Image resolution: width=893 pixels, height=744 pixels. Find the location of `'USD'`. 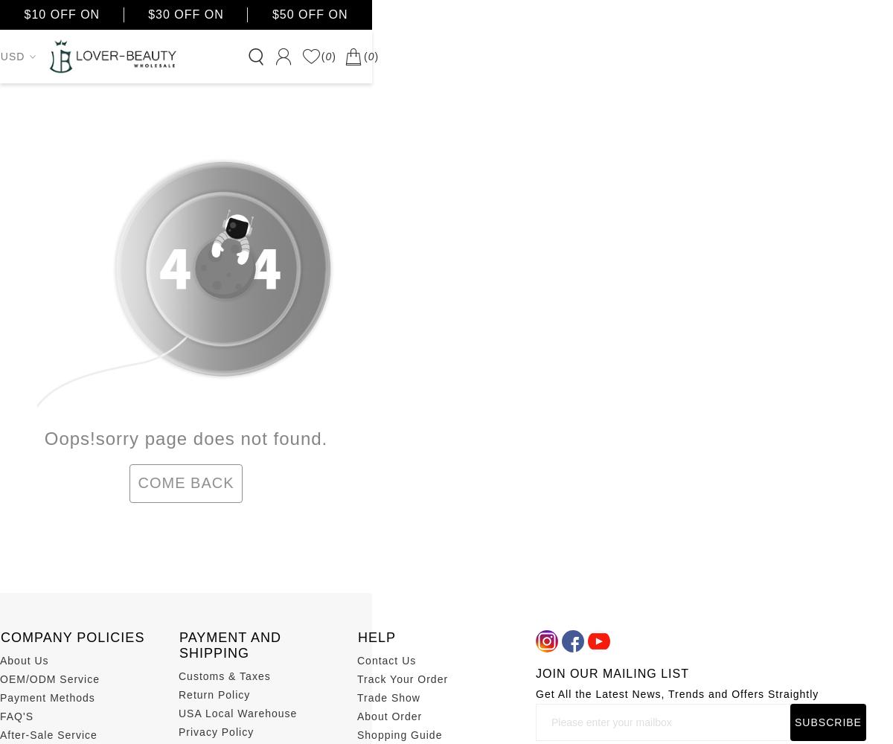

'USD' is located at coordinates (12, 56).